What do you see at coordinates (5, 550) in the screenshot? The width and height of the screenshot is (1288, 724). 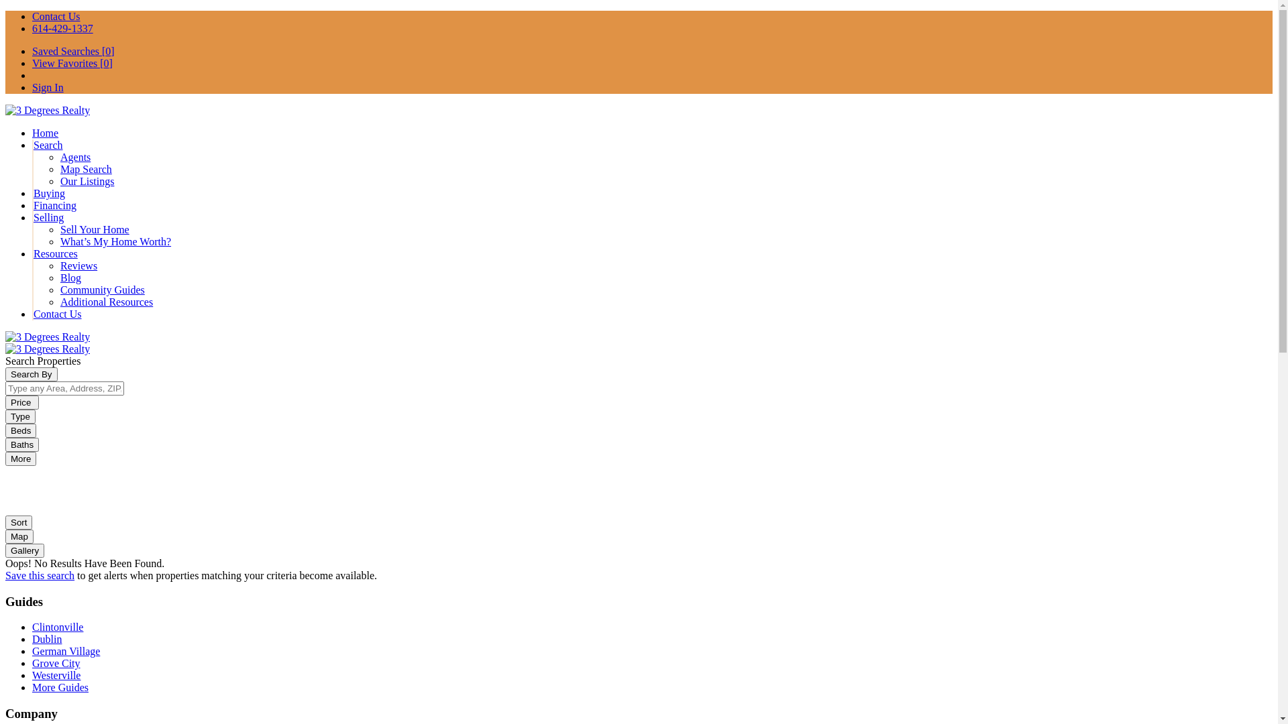 I see `'Gallery'` at bounding box center [5, 550].